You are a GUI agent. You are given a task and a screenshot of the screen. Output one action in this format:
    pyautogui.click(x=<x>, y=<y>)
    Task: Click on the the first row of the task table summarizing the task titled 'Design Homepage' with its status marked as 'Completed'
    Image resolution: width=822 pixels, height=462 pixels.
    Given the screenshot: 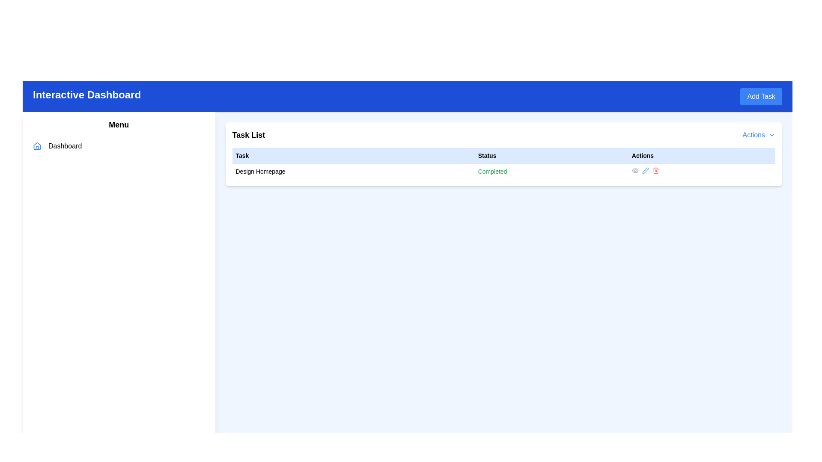 What is the action you would take?
    pyautogui.click(x=503, y=171)
    